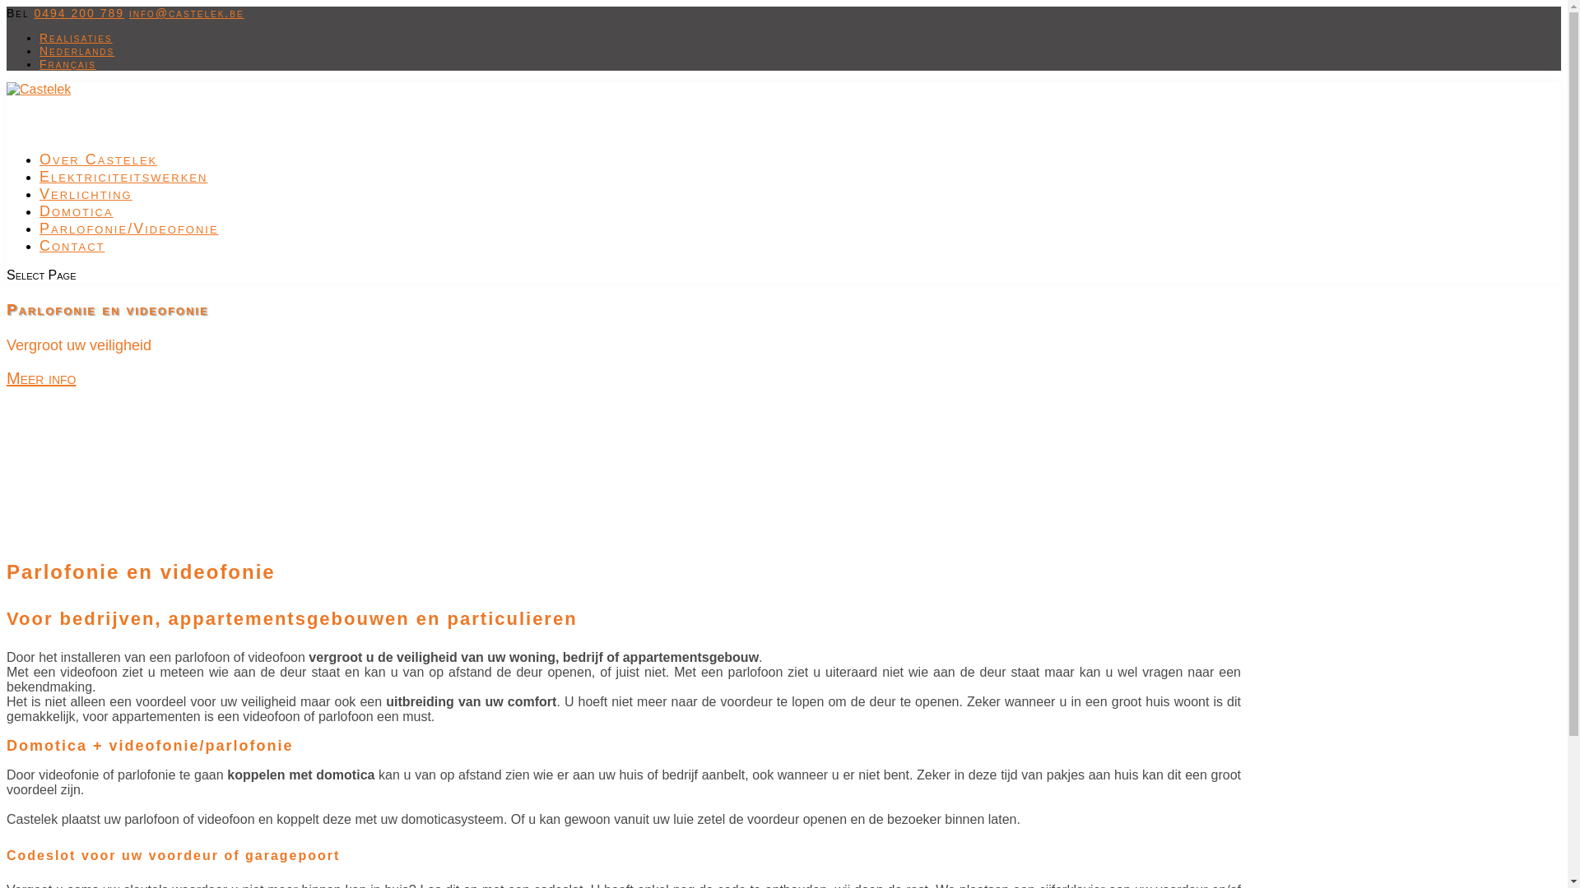  What do you see at coordinates (97, 180) in the screenshot?
I see `'Over Castelek'` at bounding box center [97, 180].